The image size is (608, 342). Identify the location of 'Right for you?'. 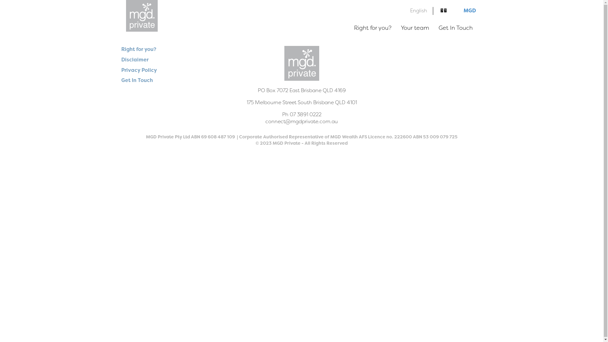
(138, 49).